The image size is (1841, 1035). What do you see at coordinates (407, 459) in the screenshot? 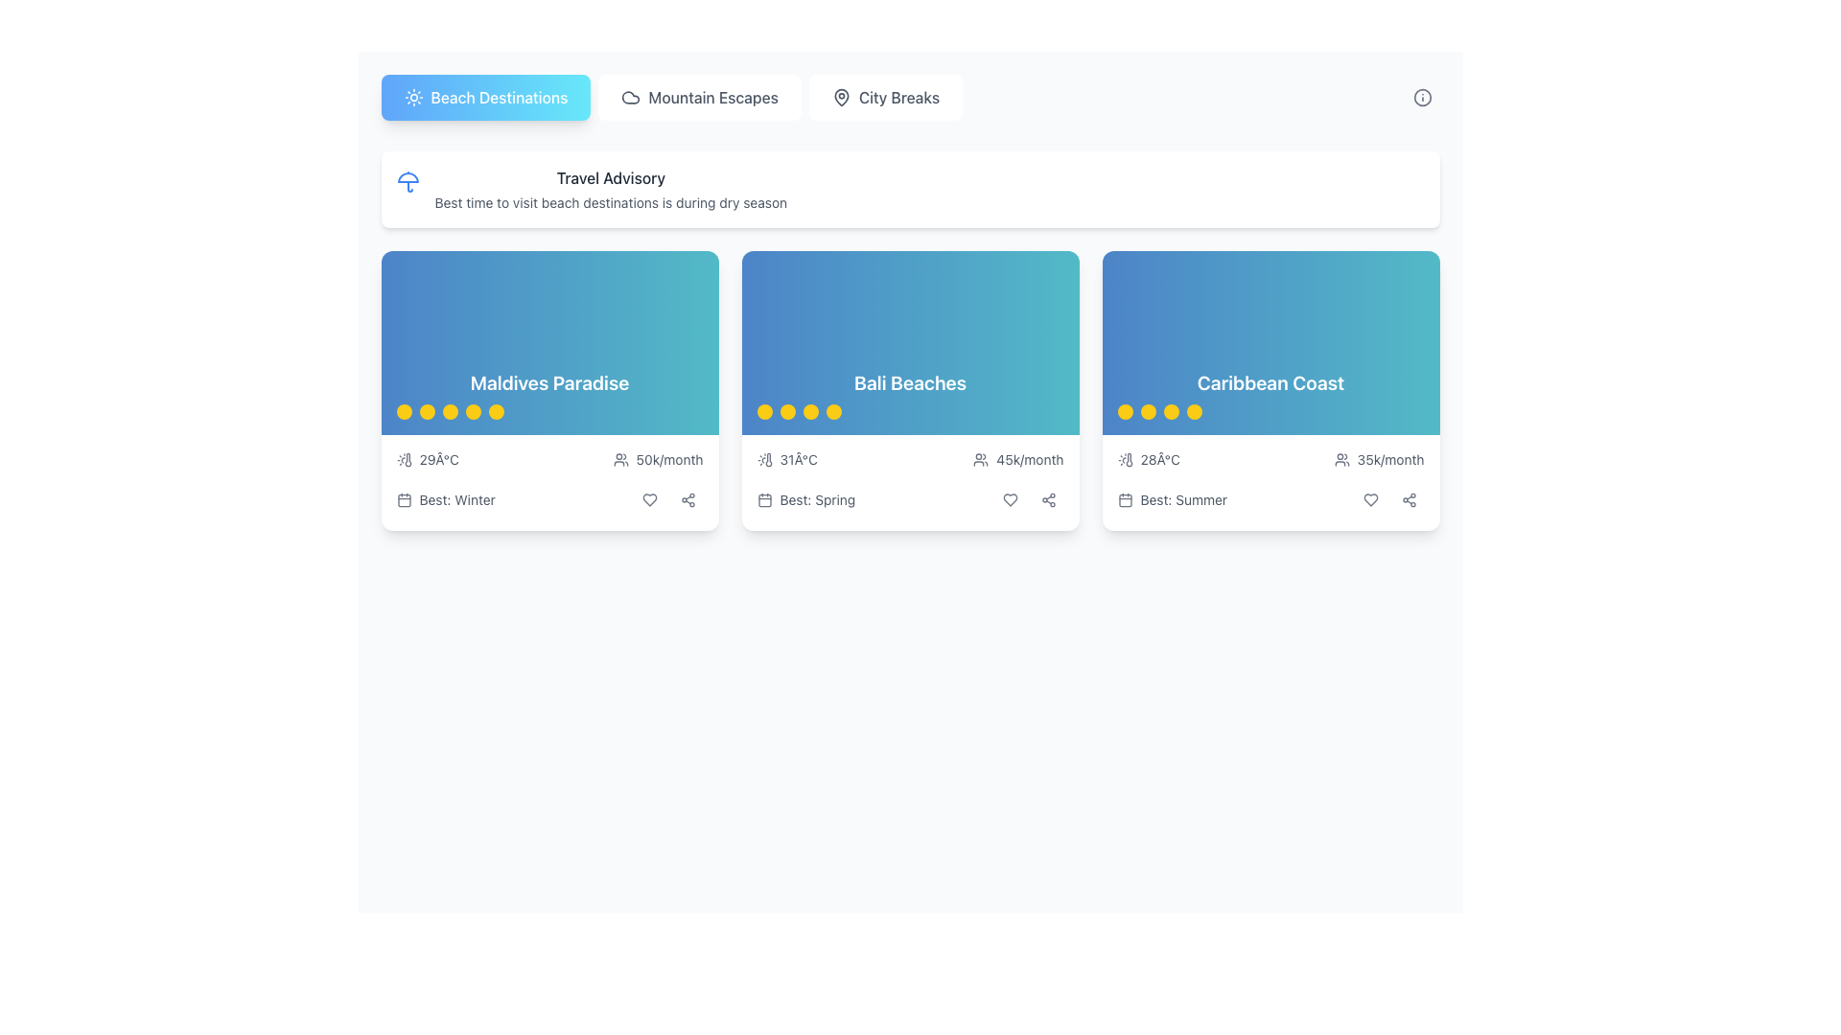
I see `the thermometer icon, which has a rounded bulb-like structure and is styled in neutral gray, located to the lower-left side of the 'Maldives Paradise' card, left of the temperature display ('29°C')` at bounding box center [407, 459].